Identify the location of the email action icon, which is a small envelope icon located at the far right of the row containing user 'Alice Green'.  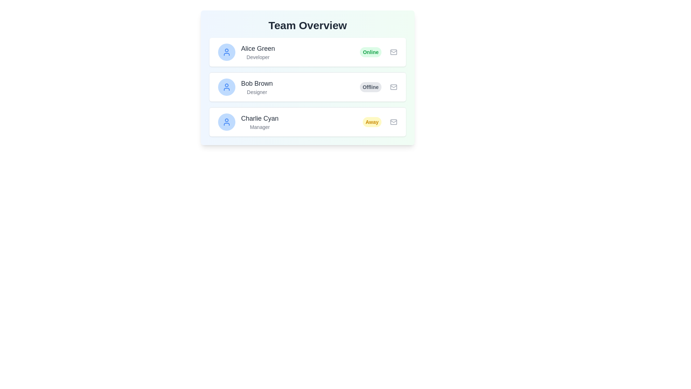
(393, 52).